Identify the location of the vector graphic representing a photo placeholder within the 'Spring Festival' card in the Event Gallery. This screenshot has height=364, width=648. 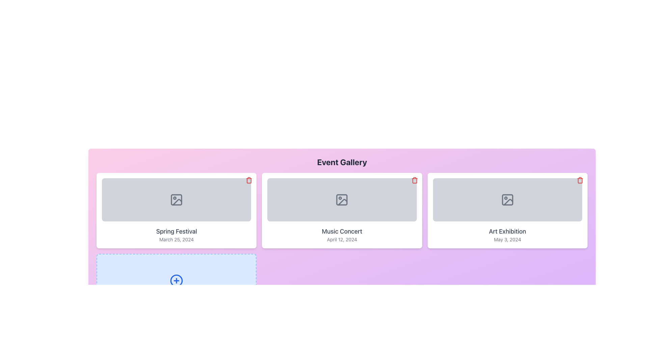
(177, 202).